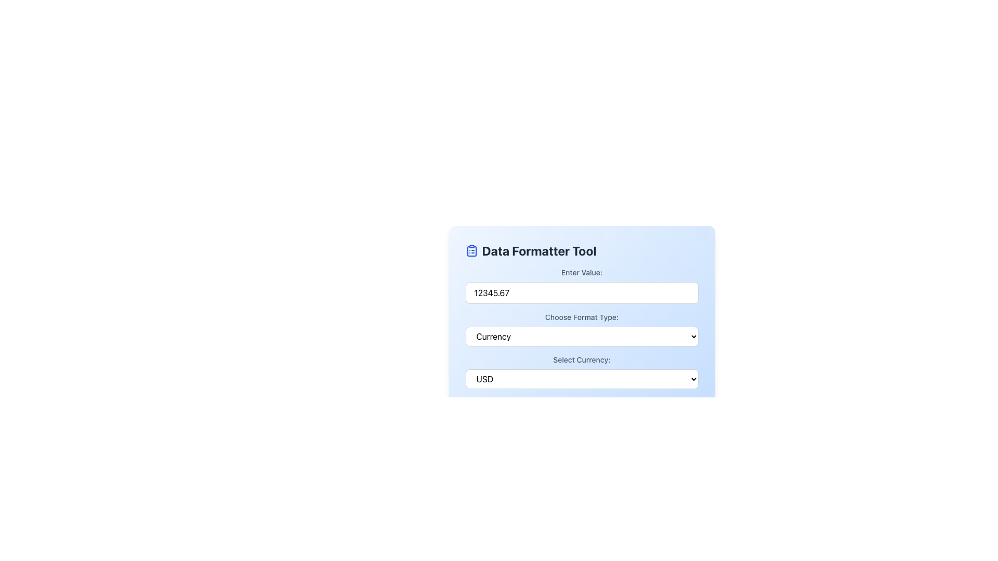  What do you see at coordinates (581, 371) in the screenshot?
I see `the dropdown menu` at bounding box center [581, 371].